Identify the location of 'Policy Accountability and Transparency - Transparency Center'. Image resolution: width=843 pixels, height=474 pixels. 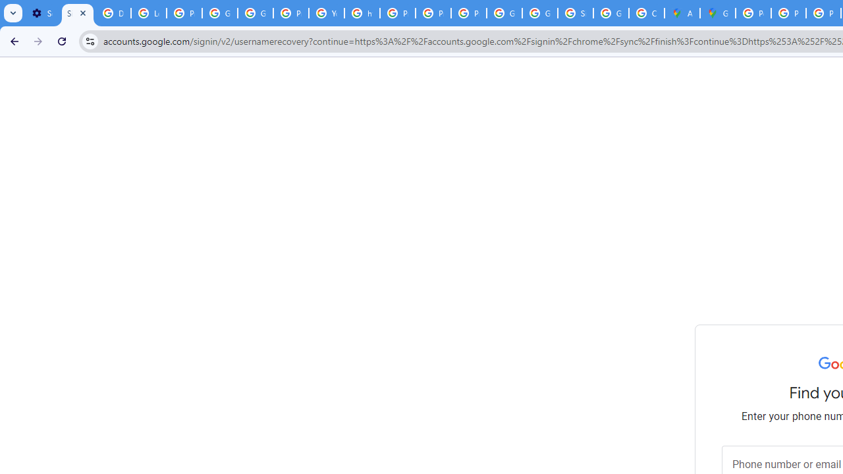
(753, 13).